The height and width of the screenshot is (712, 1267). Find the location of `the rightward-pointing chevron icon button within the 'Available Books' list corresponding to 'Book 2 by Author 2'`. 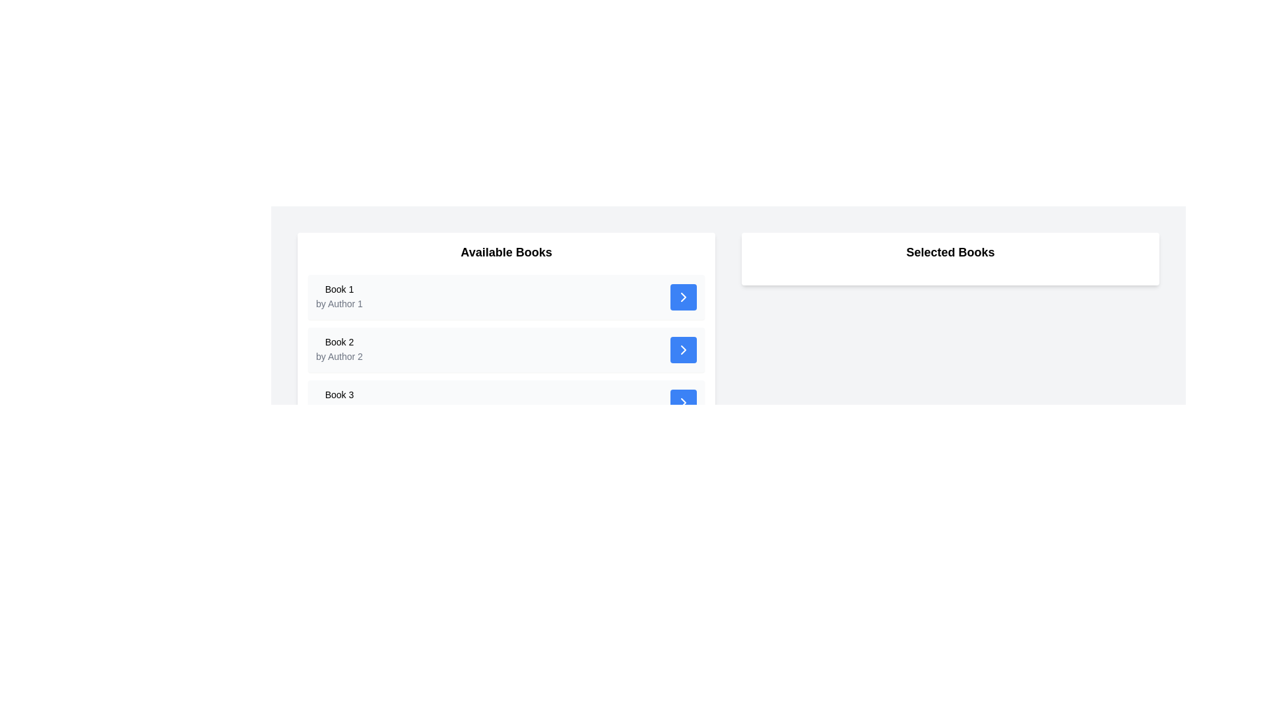

the rightward-pointing chevron icon button within the 'Available Books' list corresponding to 'Book 2 by Author 2' is located at coordinates (684, 349).